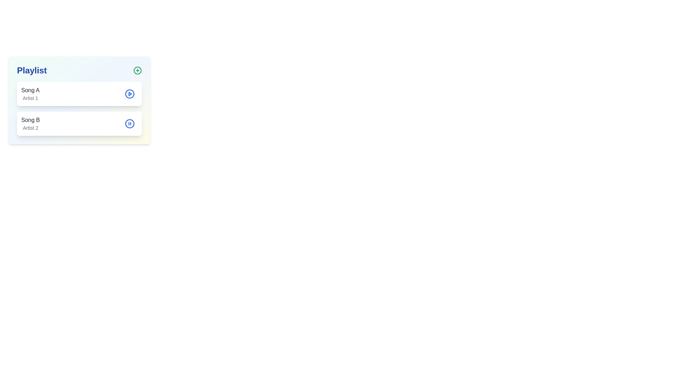 The height and width of the screenshot is (383, 681). Describe the element at coordinates (30, 90) in the screenshot. I see `the text label displaying the song title 'Song A' in dark gray font, located at the top of the song entry block in the playlist interface` at that location.